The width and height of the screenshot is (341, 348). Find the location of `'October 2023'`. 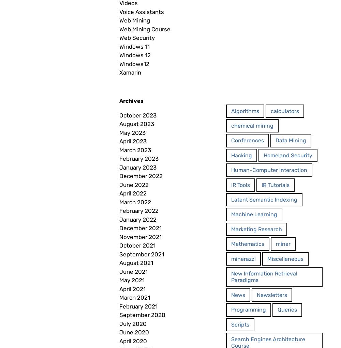

'October 2023' is located at coordinates (138, 115).